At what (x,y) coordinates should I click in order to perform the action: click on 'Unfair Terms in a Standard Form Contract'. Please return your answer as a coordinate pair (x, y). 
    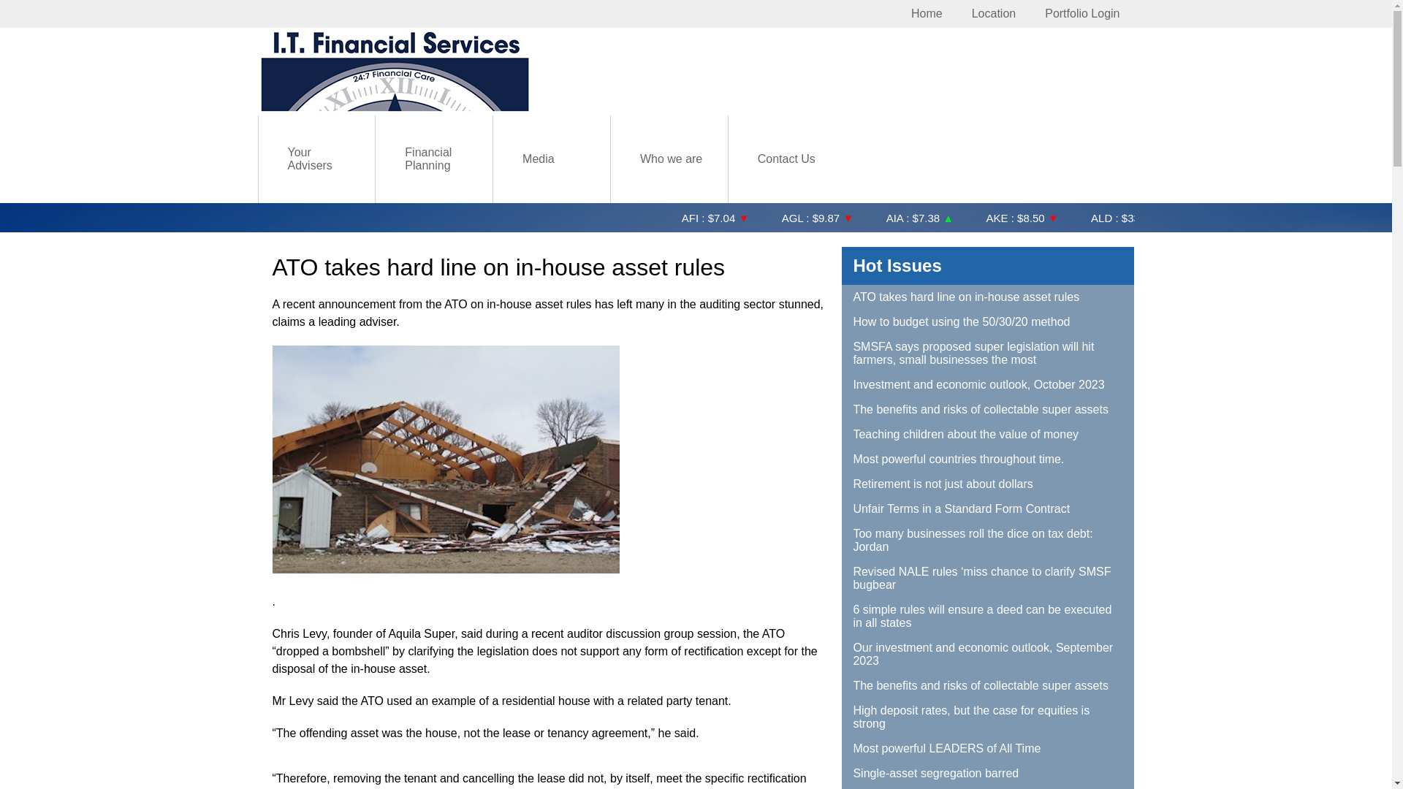
    Looking at the image, I should click on (988, 508).